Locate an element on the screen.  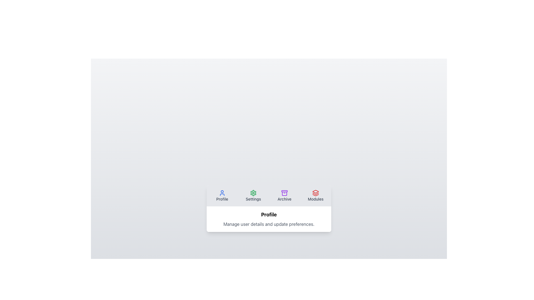
the gear icon in the navigation bar is located at coordinates (253, 192).